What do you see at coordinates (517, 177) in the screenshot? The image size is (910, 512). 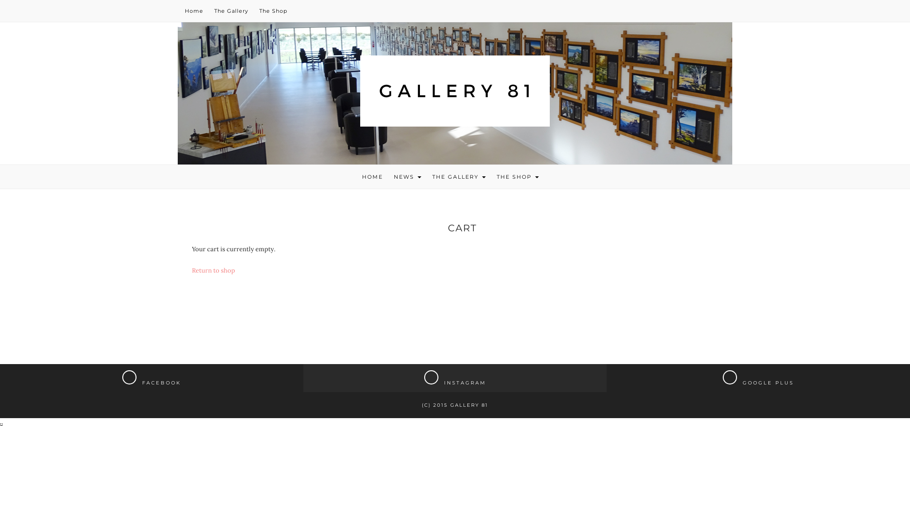 I see `'THE SHOP'` at bounding box center [517, 177].